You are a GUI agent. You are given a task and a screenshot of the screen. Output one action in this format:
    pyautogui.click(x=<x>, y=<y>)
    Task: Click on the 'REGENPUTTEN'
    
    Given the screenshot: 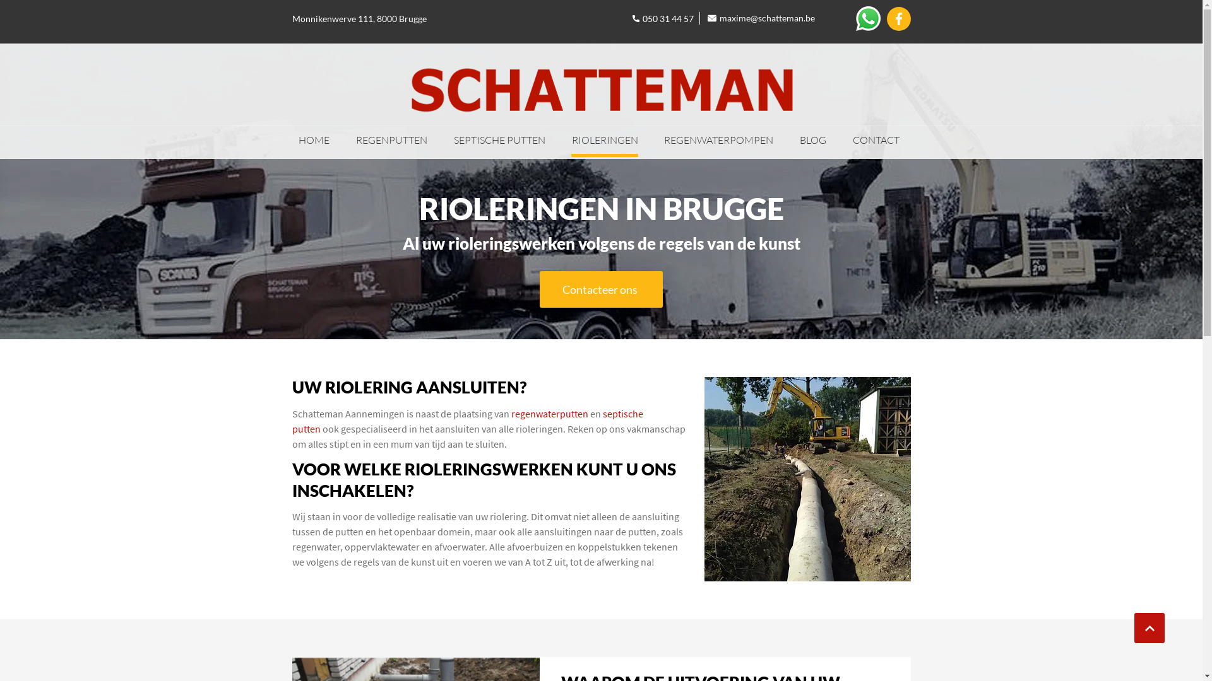 What is the action you would take?
    pyautogui.click(x=391, y=141)
    